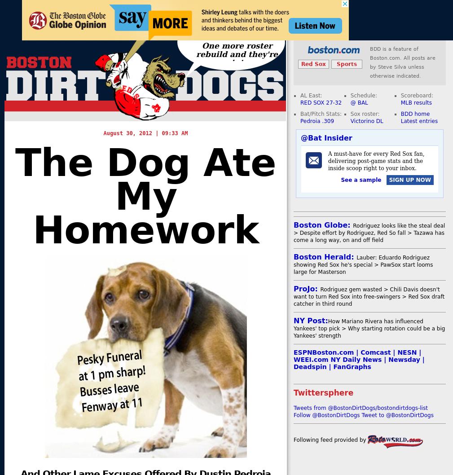  What do you see at coordinates (321, 102) in the screenshot?
I see `'RED SOX 27-32'` at bounding box center [321, 102].